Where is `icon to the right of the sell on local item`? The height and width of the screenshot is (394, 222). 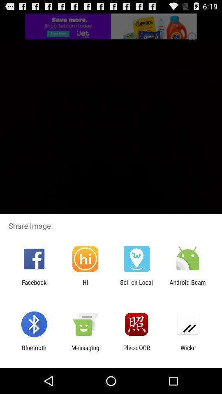 icon to the right of the sell on local item is located at coordinates (187, 286).